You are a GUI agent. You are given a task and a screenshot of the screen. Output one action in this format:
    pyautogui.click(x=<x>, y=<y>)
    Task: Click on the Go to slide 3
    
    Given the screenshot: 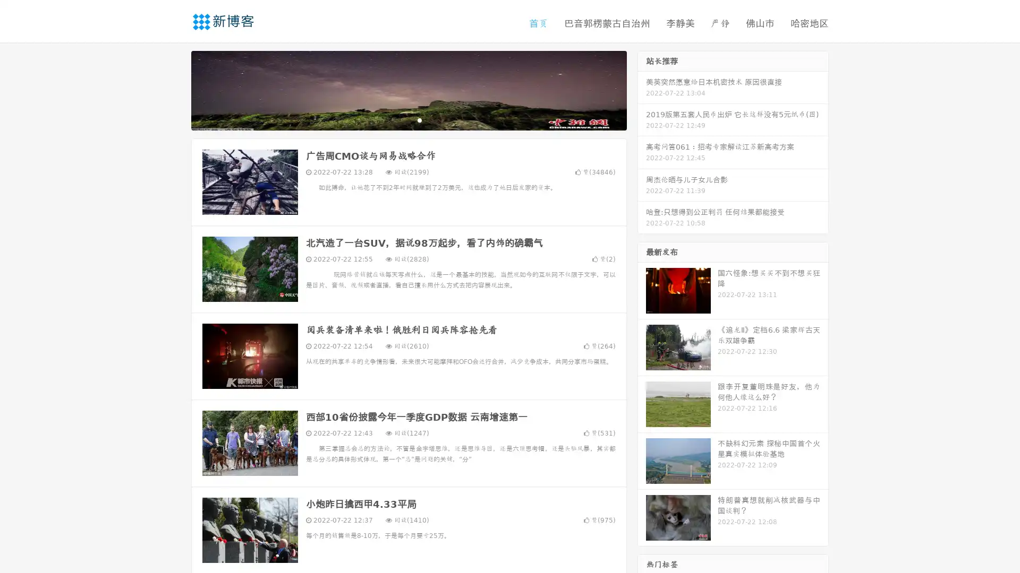 What is the action you would take?
    pyautogui.click(x=419, y=119)
    